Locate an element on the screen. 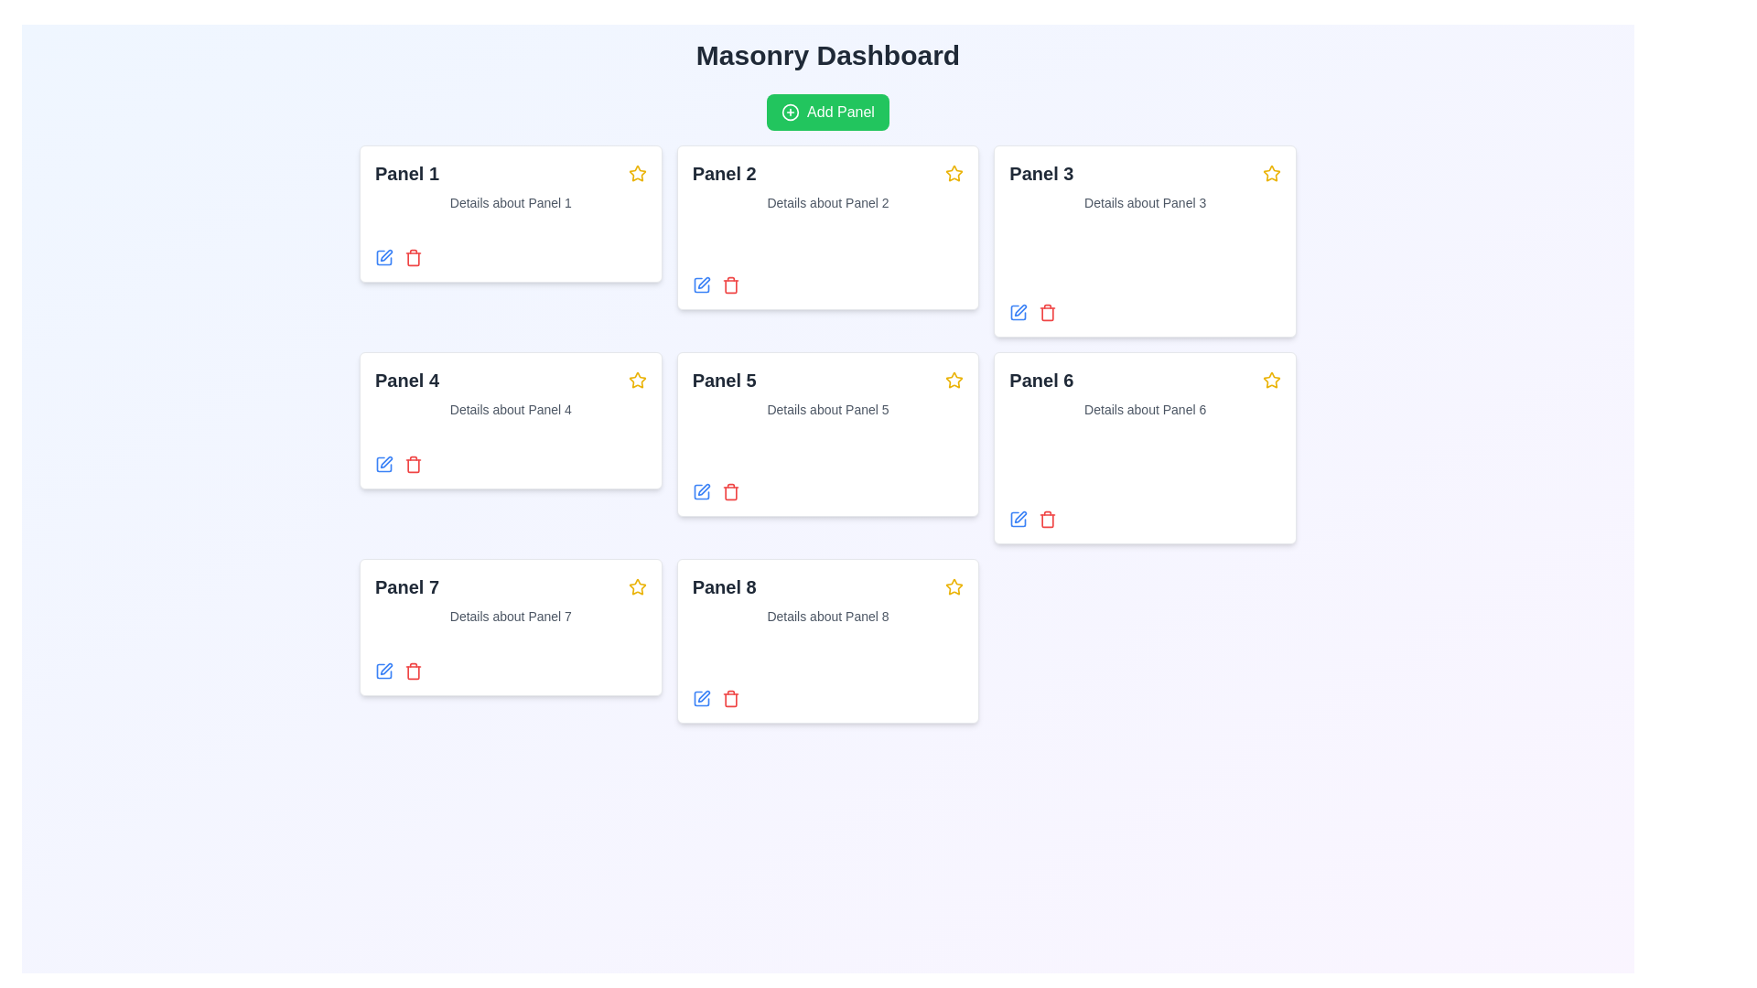 Image resolution: width=1757 pixels, height=988 pixels. the star icon located in the header of 'Panel 5' card on the right side is located at coordinates (954, 380).